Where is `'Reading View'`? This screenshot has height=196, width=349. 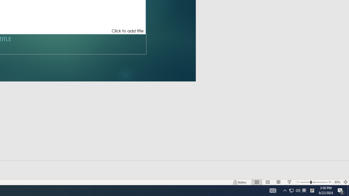 'Reading View' is located at coordinates (279, 182).